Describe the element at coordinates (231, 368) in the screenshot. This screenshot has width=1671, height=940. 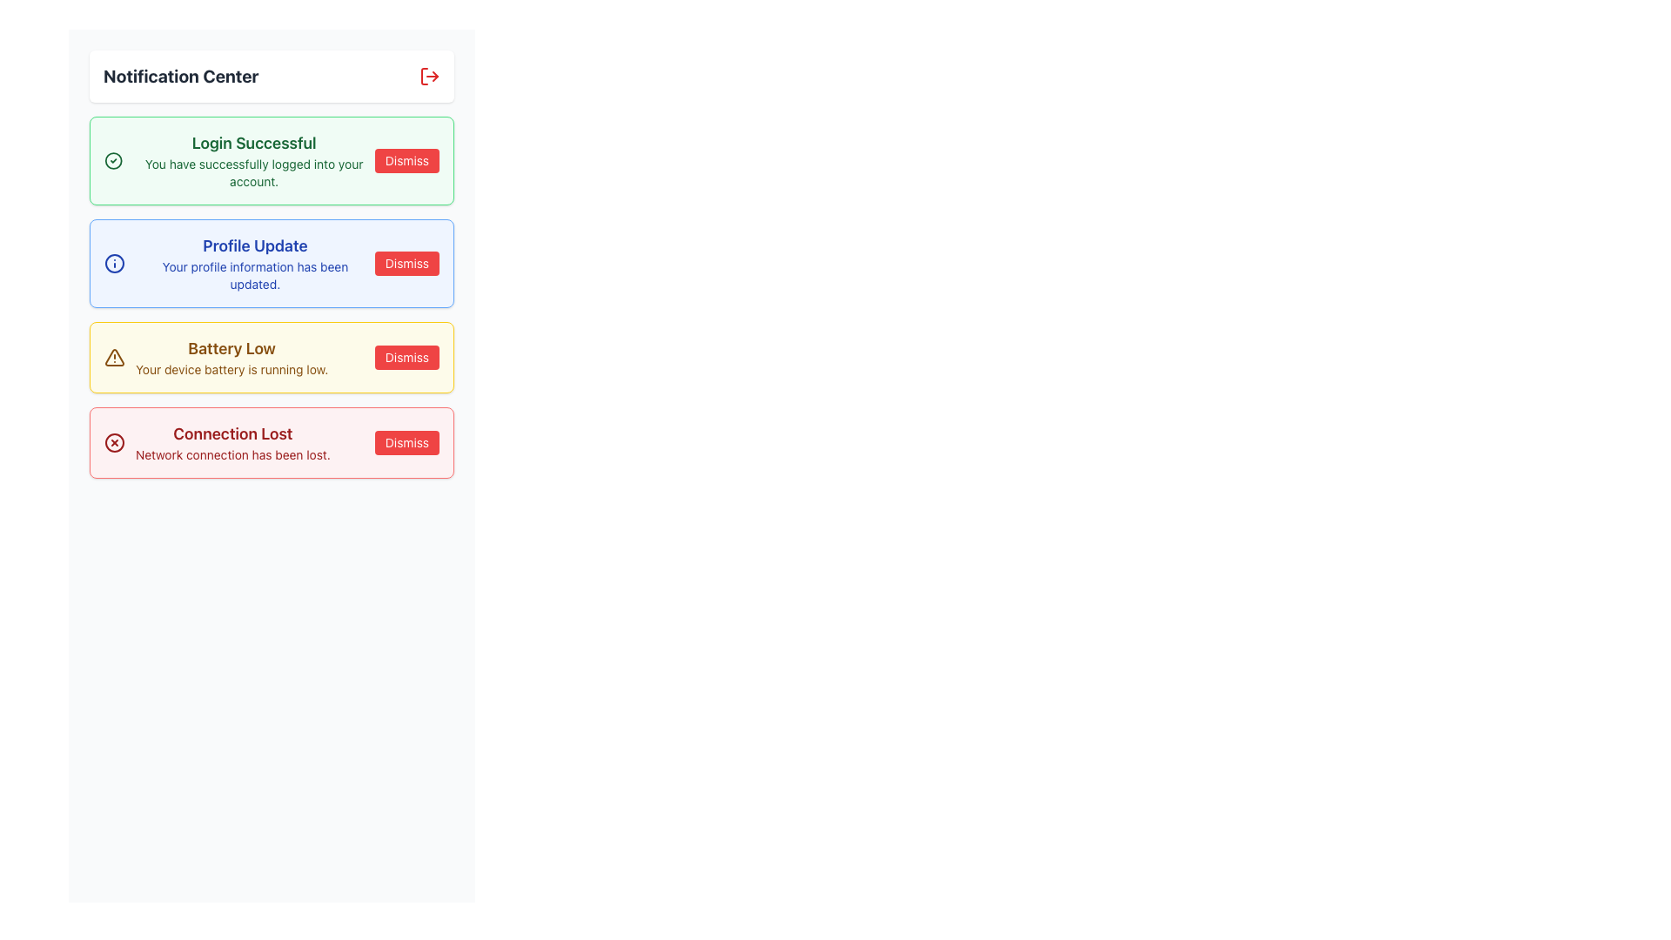
I see `the text display that reads 'Your device battery is running low.' located within the notification card with a yellow background` at that location.